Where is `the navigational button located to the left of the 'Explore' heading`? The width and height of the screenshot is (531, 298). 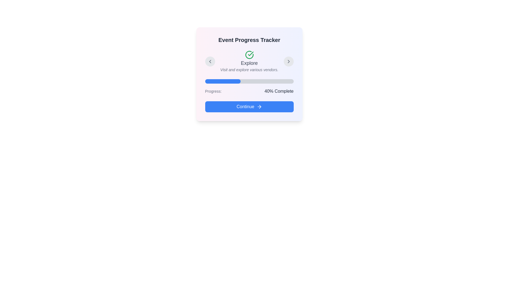 the navigational button located to the left of the 'Explore' heading is located at coordinates (210, 62).